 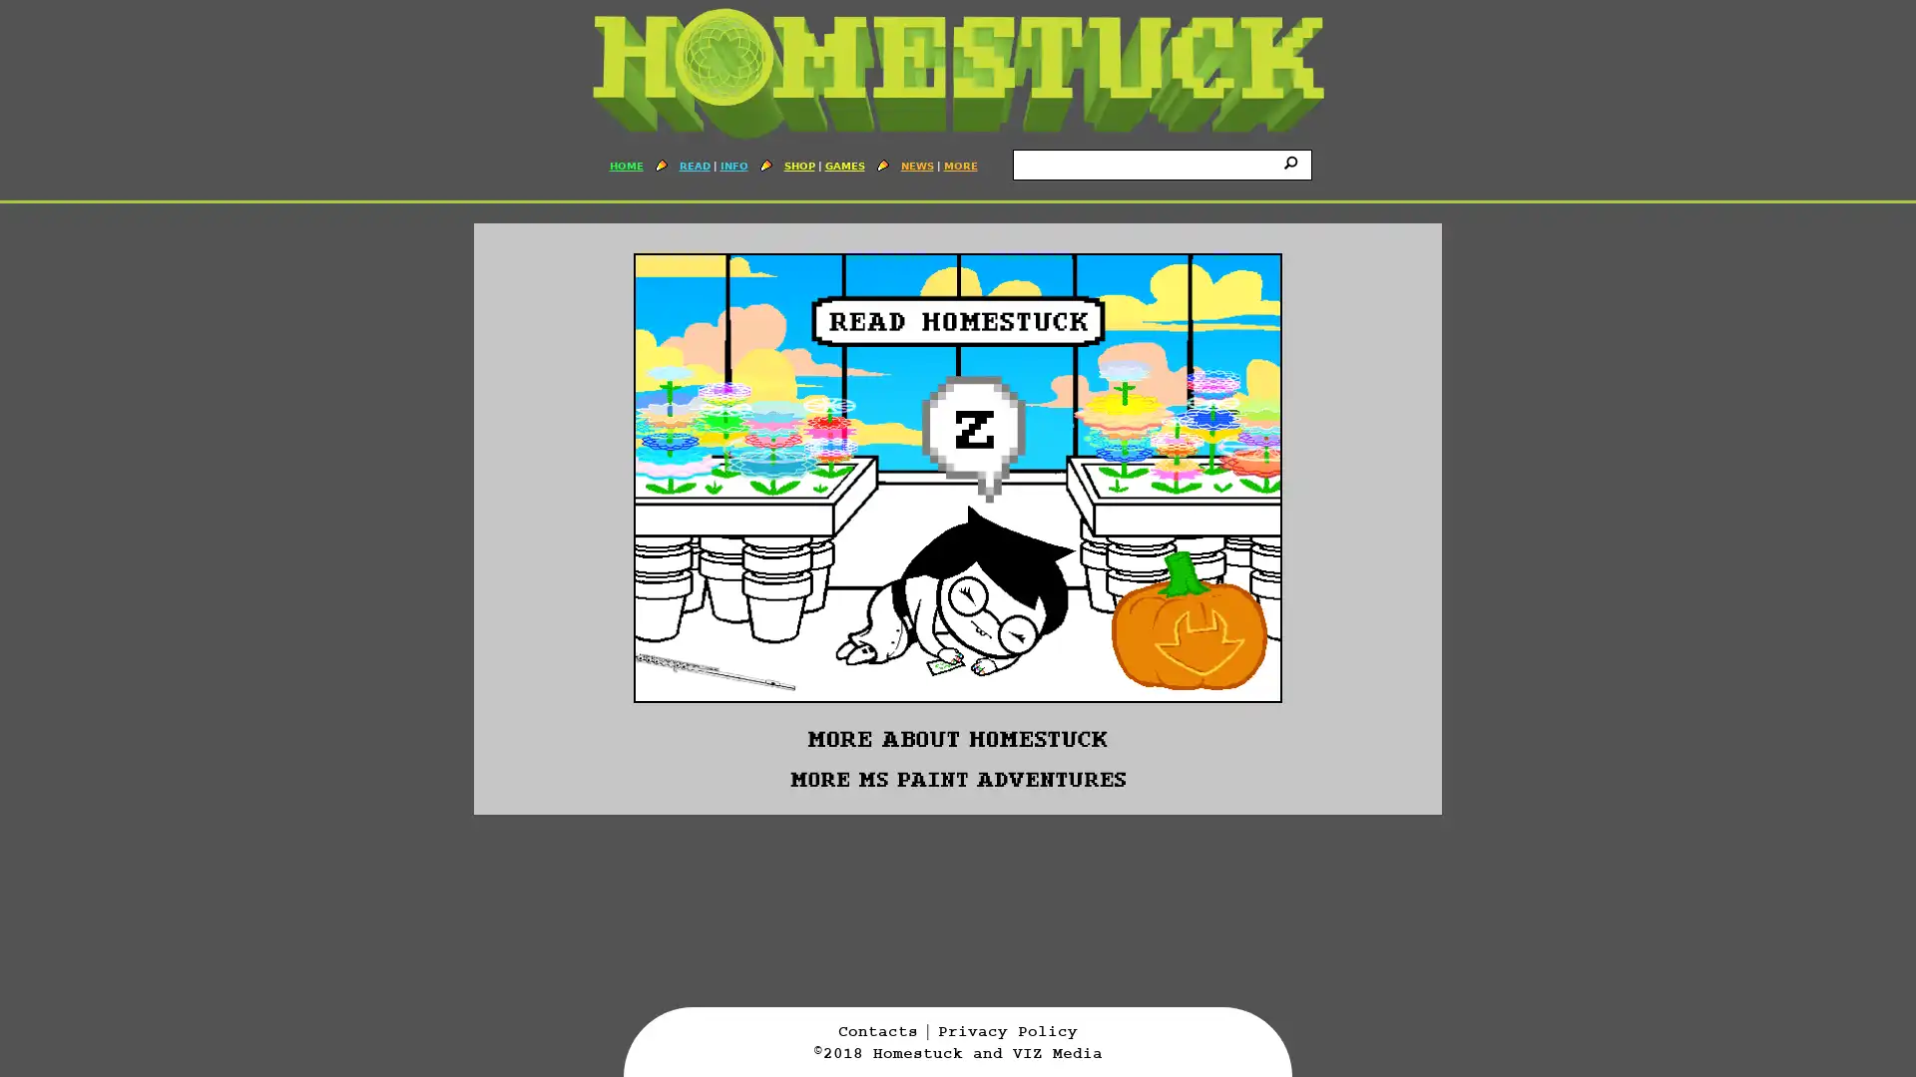 I want to click on i, so click(x=1293, y=161).